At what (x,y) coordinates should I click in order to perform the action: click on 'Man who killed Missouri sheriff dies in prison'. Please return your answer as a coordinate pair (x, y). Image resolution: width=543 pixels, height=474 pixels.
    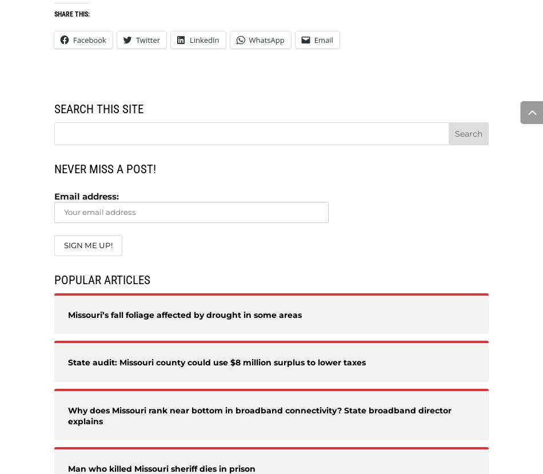
    Looking at the image, I should click on (161, 467).